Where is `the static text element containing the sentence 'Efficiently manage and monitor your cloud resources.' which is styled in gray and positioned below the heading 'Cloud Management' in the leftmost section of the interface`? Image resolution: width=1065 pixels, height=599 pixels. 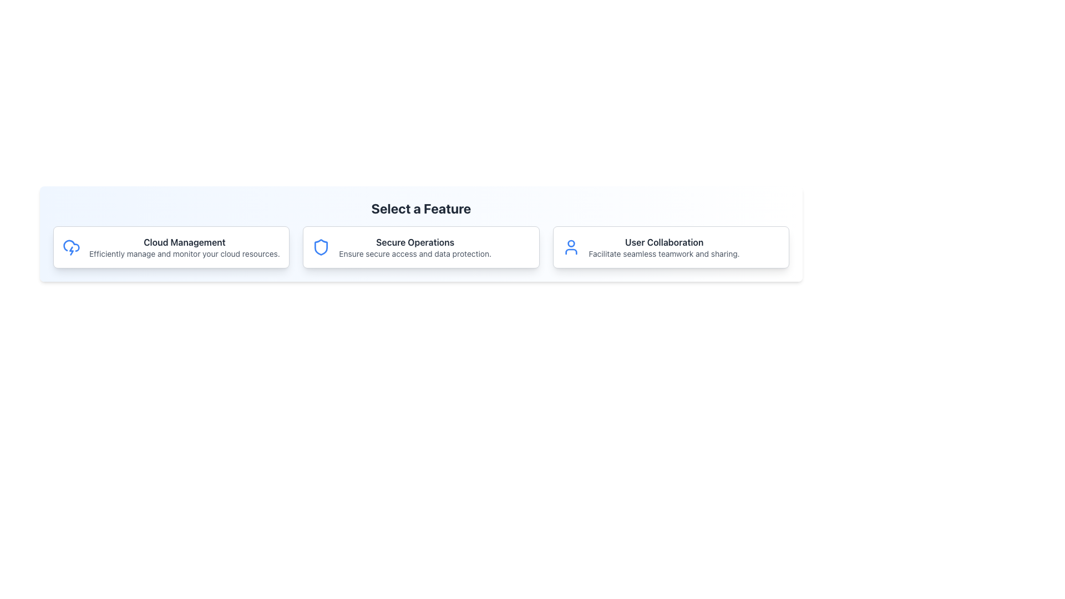 the static text element containing the sentence 'Efficiently manage and monitor your cloud resources.' which is styled in gray and positioned below the heading 'Cloud Management' in the leftmost section of the interface is located at coordinates (184, 253).